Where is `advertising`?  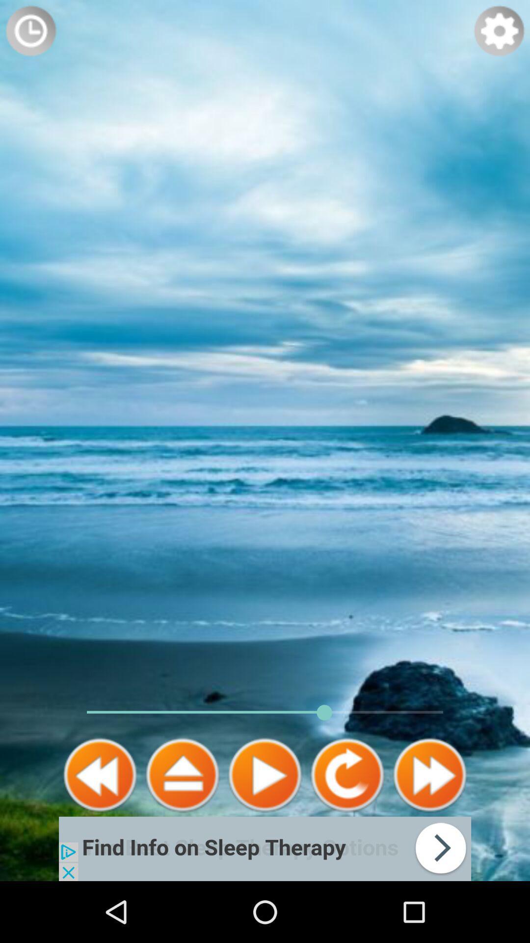
advertising is located at coordinates (265, 848).